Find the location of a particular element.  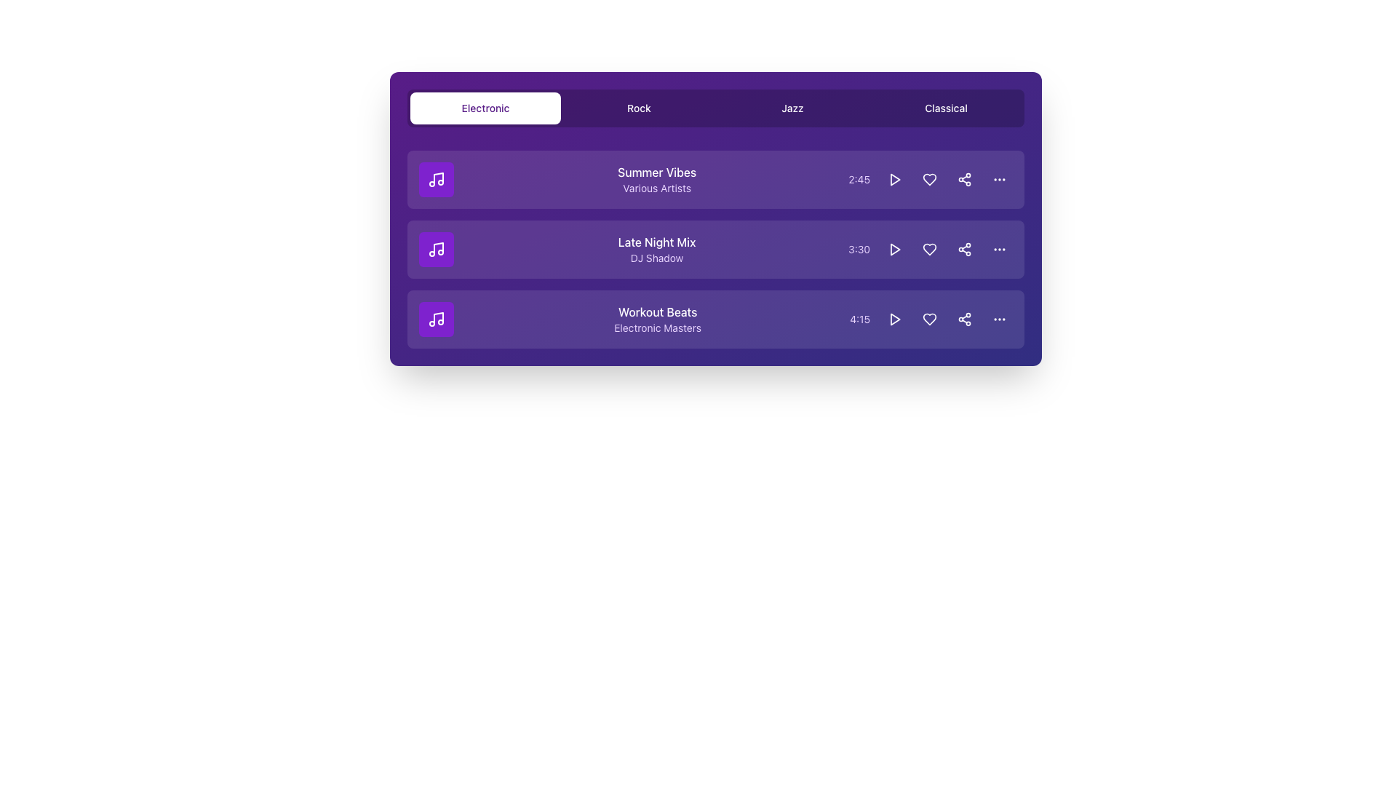

the Text Label that displays the duration of the track, located in the third column of the middle card, next to a rounded button and below 'Late Night Mix' is located at coordinates (859, 249).